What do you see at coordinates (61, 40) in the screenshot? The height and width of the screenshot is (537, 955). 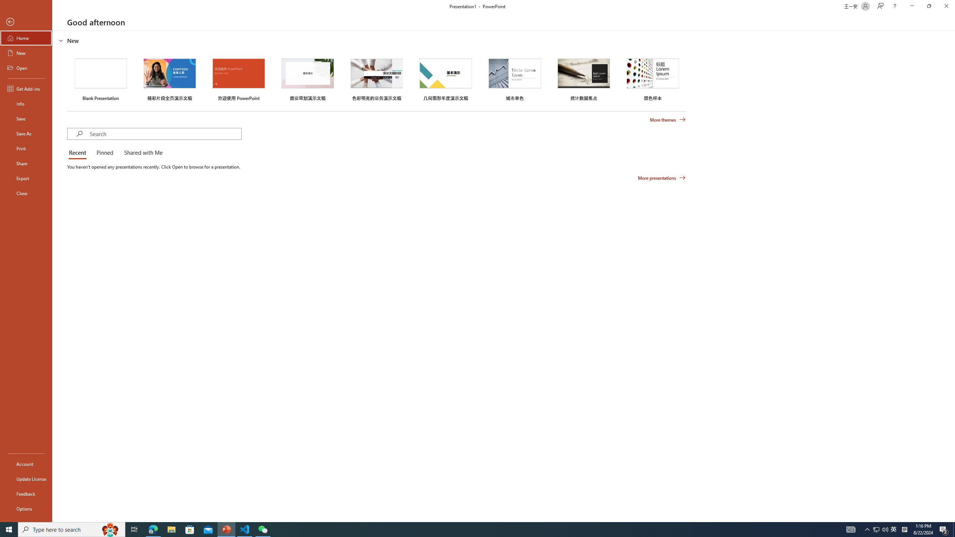 I see `'Hide or show region'` at bounding box center [61, 40].